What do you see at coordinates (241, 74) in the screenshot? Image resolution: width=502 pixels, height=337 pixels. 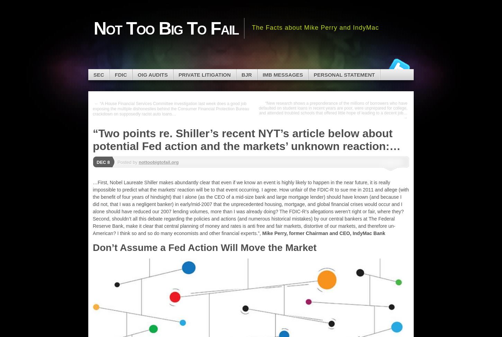 I see `'BJR'` at bounding box center [241, 74].